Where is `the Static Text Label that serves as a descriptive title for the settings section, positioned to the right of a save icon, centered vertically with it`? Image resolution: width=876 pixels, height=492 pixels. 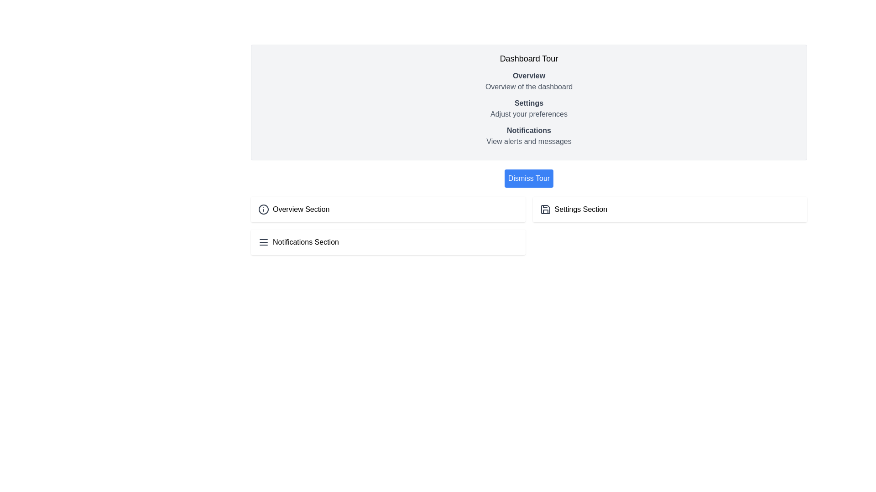 the Static Text Label that serves as a descriptive title for the settings section, positioned to the right of a save icon, centered vertically with it is located at coordinates (580, 209).